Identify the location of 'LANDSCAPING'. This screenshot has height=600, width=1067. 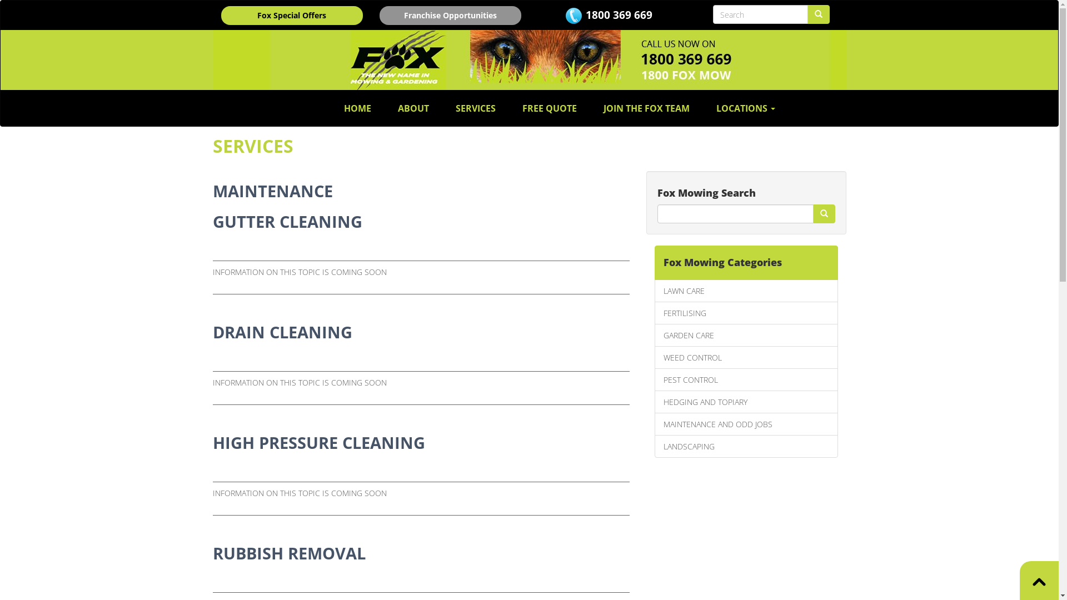
(746, 446).